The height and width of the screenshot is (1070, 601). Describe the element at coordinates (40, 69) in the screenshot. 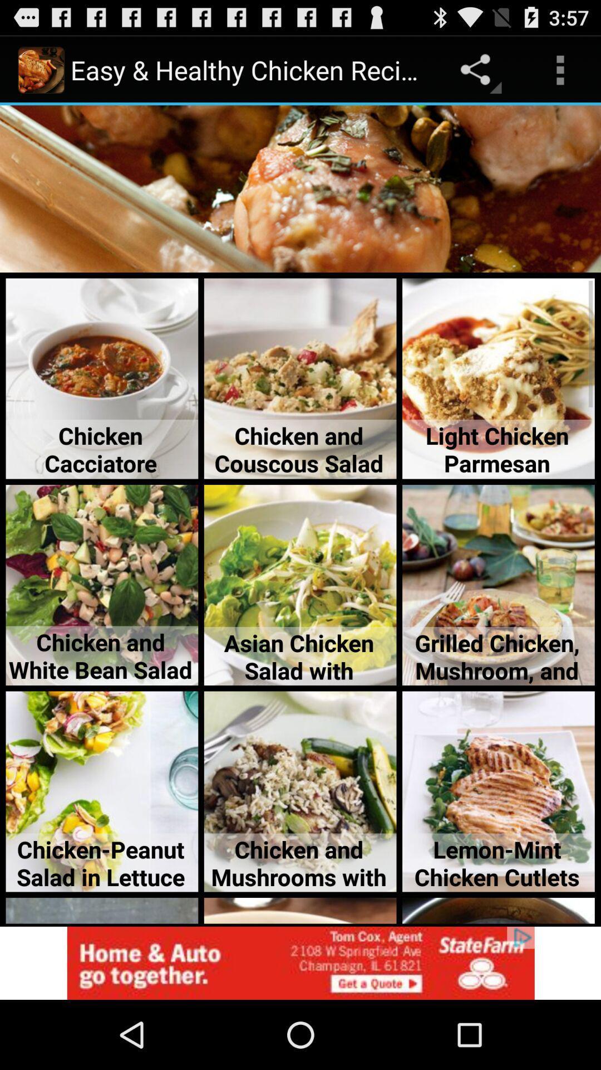

I see `the image on the top most left of the page` at that location.